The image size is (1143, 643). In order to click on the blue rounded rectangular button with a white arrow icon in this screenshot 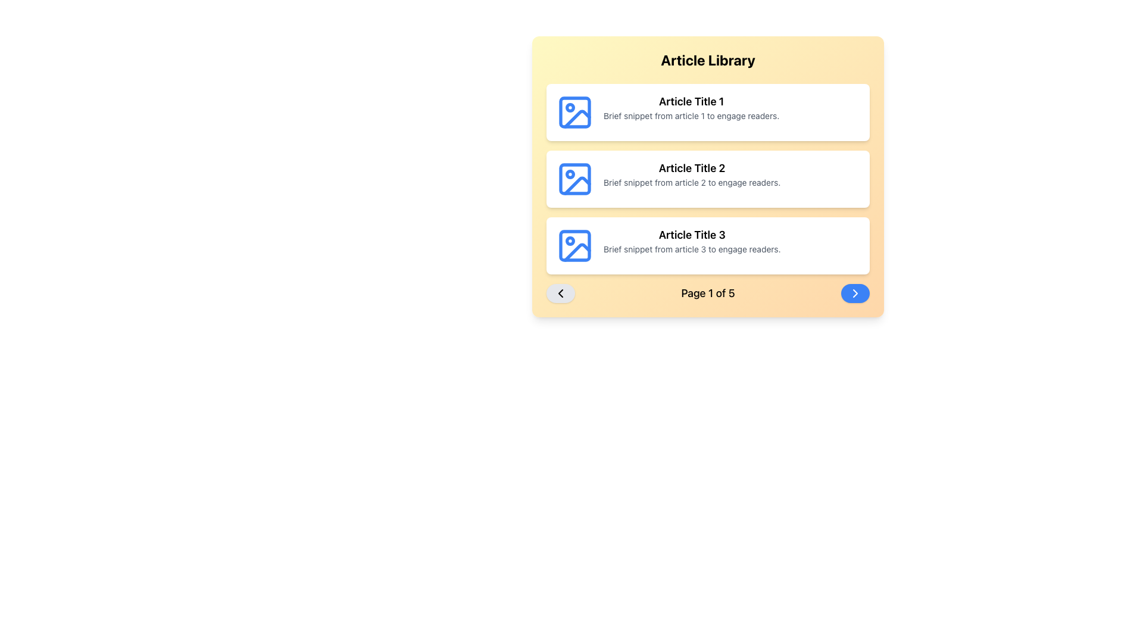, I will do `click(854, 294)`.